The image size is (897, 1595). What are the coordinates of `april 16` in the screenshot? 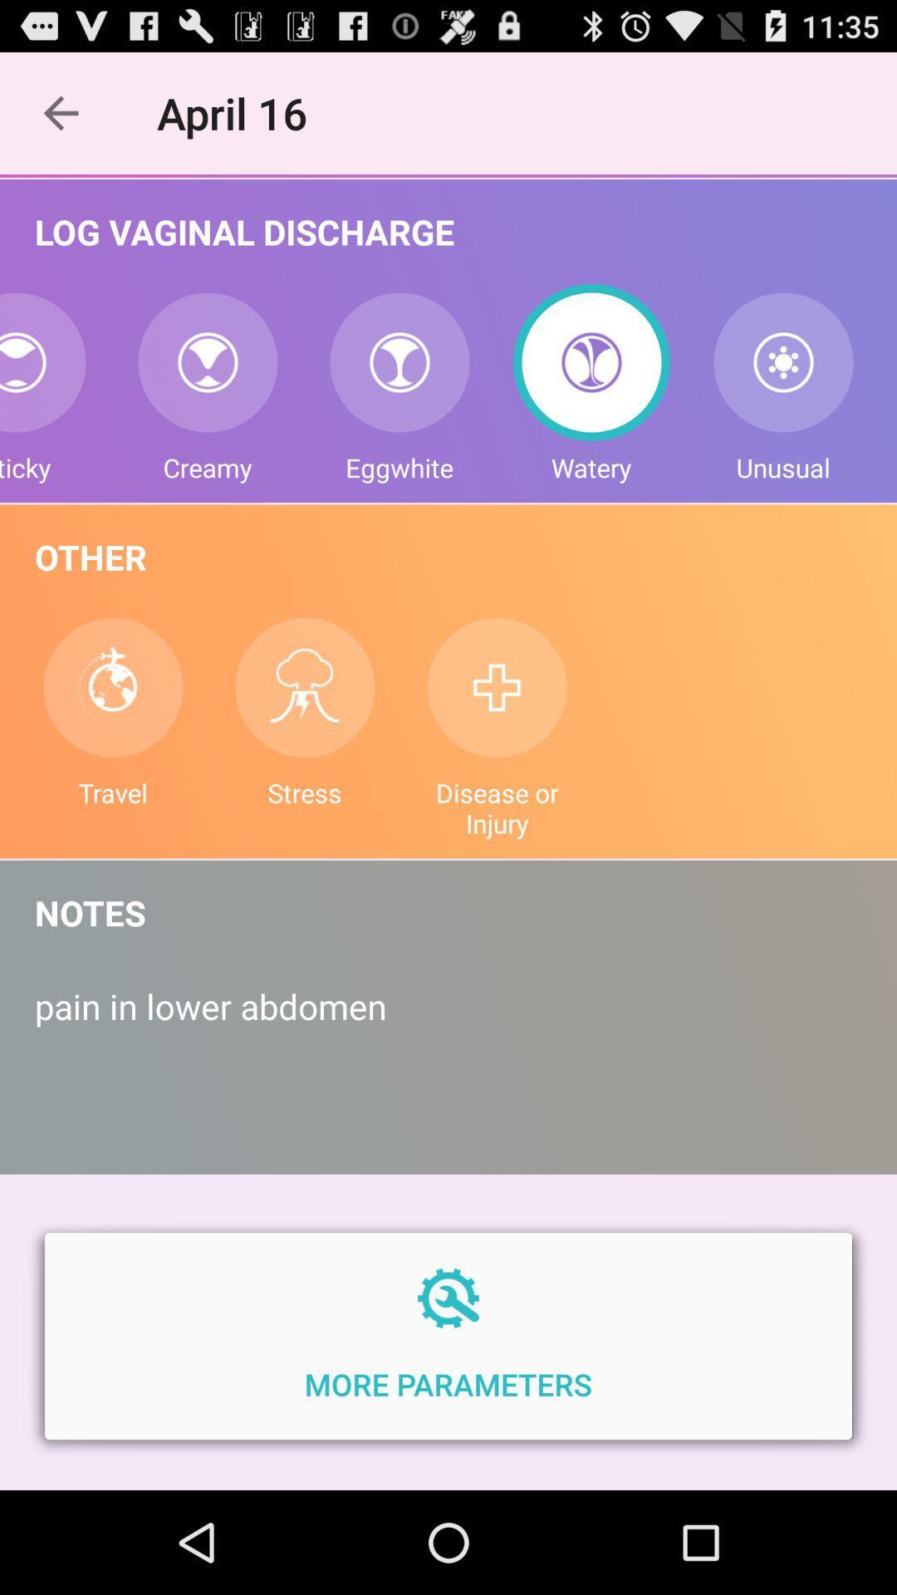 It's located at (241, 112).